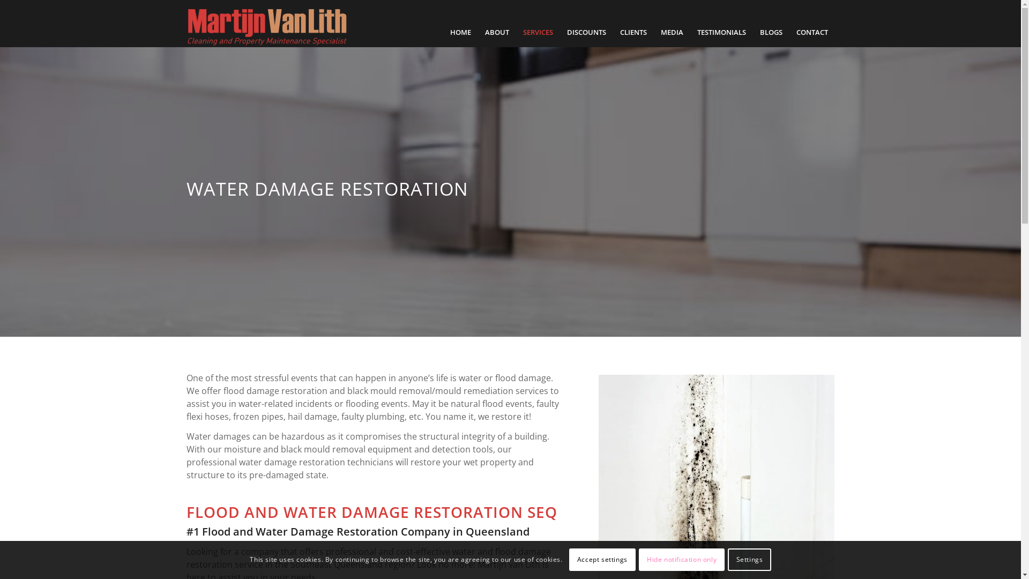  Describe the element at coordinates (538, 32) in the screenshot. I see `'SERVICES'` at that location.